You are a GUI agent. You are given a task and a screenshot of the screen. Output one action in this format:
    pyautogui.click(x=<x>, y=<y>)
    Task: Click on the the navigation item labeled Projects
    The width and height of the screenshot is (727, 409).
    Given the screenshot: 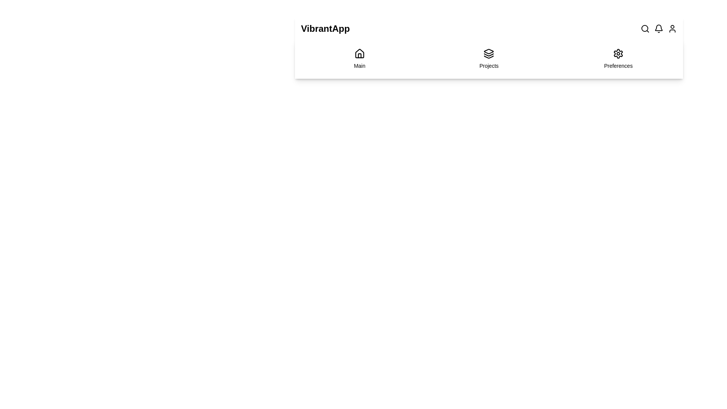 What is the action you would take?
    pyautogui.click(x=489, y=58)
    